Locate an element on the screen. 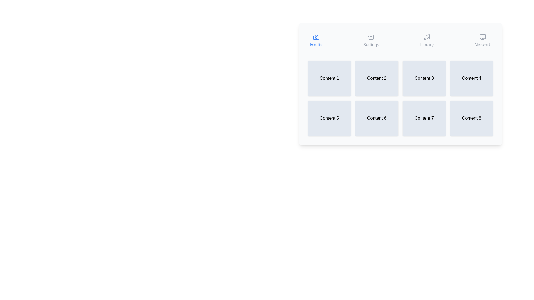 Image resolution: width=534 pixels, height=300 pixels. the tab icon labeled Settings to observe the tooltip or feedback is located at coordinates (371, 41).